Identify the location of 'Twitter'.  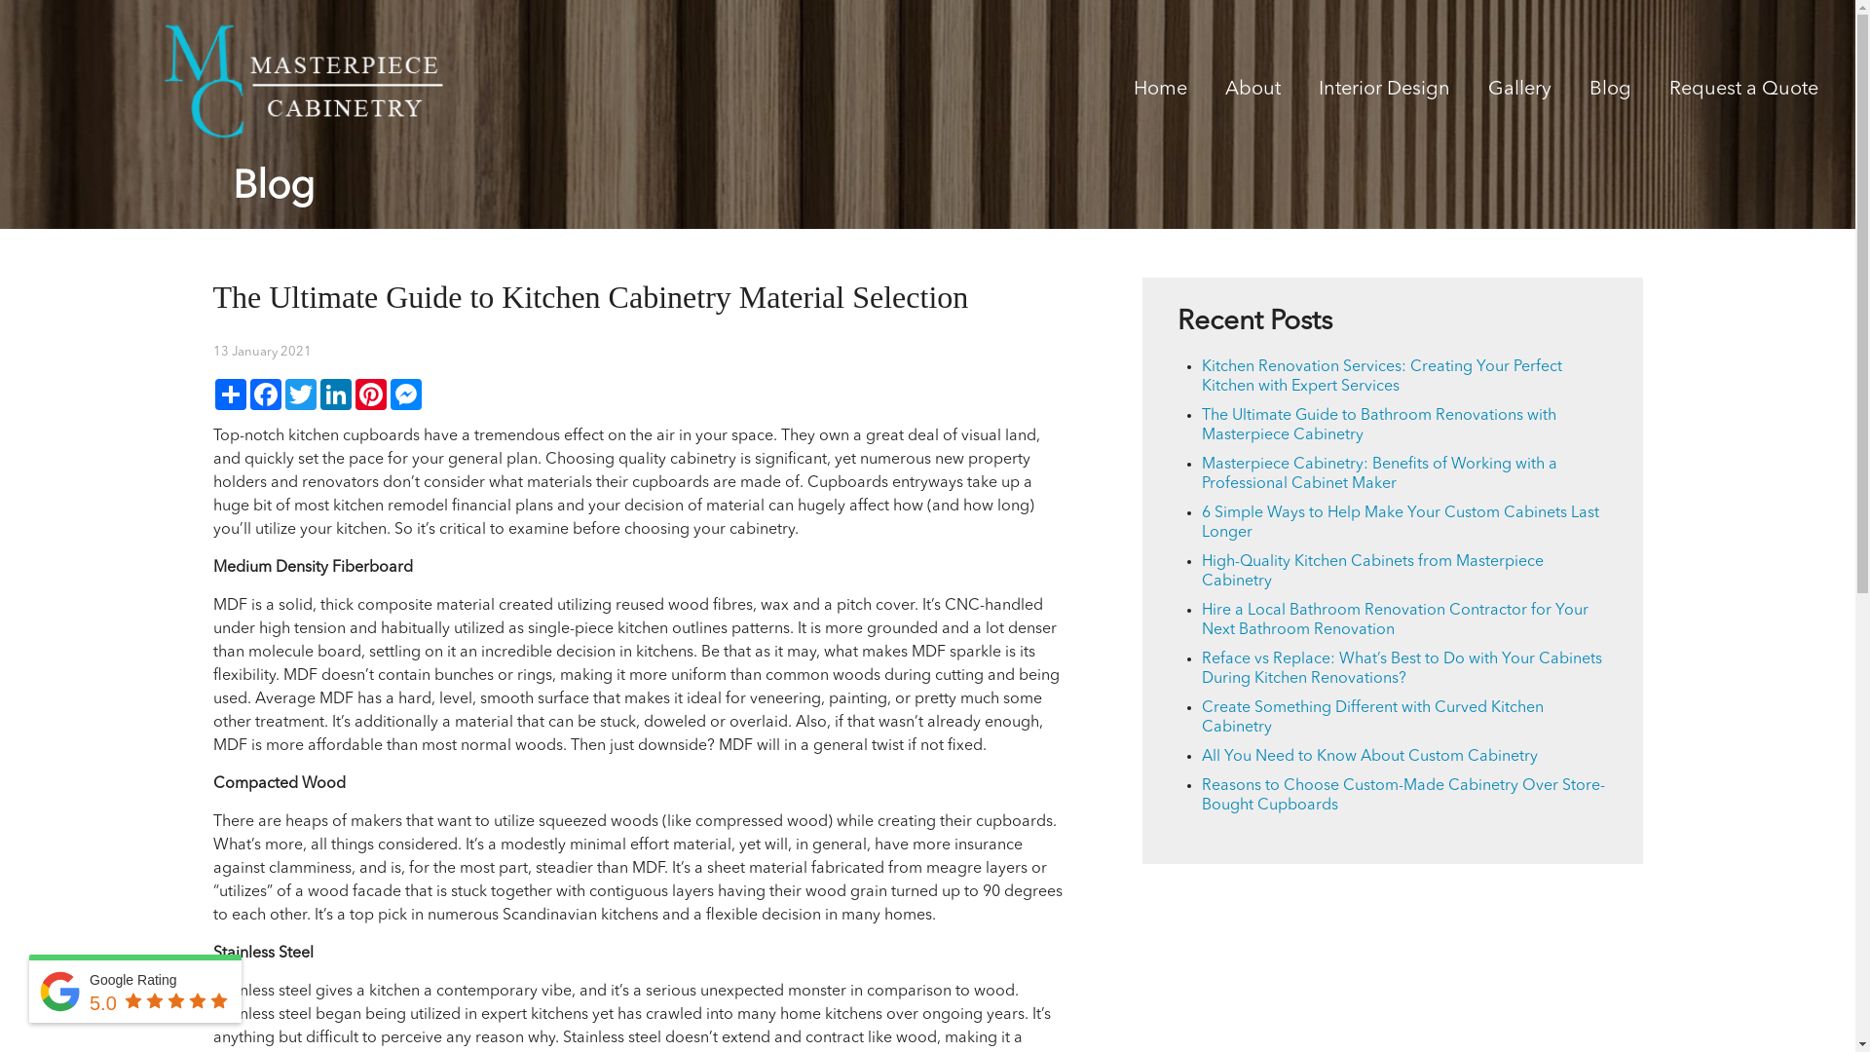
(280, 394).